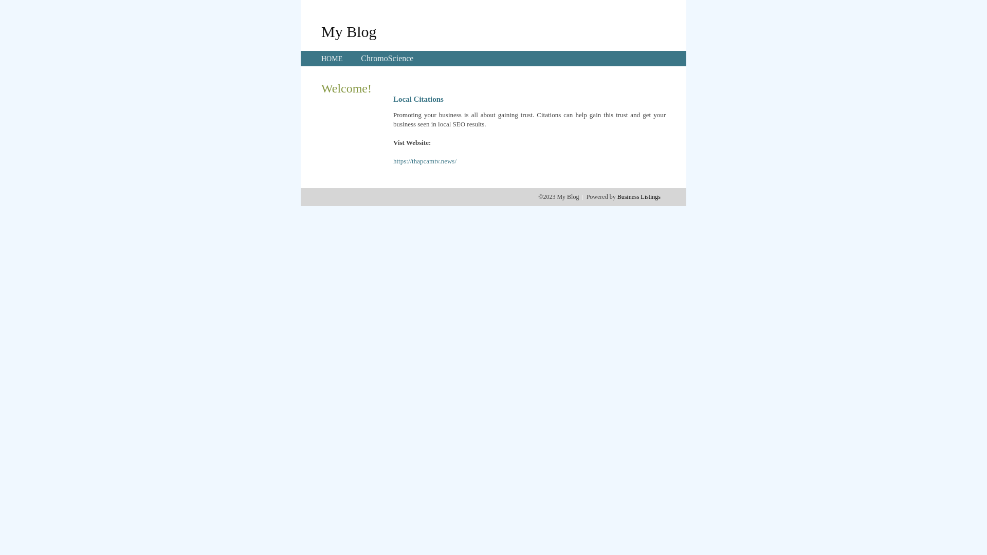  What do you see at coordinates (638, 196) in the screenshot?
I see `'Business Listings'` at bounding box center [638, 196].